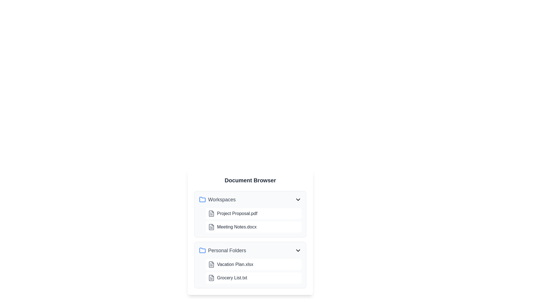  What do you see at coordinates (253, 278) in the screenshot?
I see `the List item labeled 'Grocery List.txt' in the document directory` at bounding box center [253, 278].